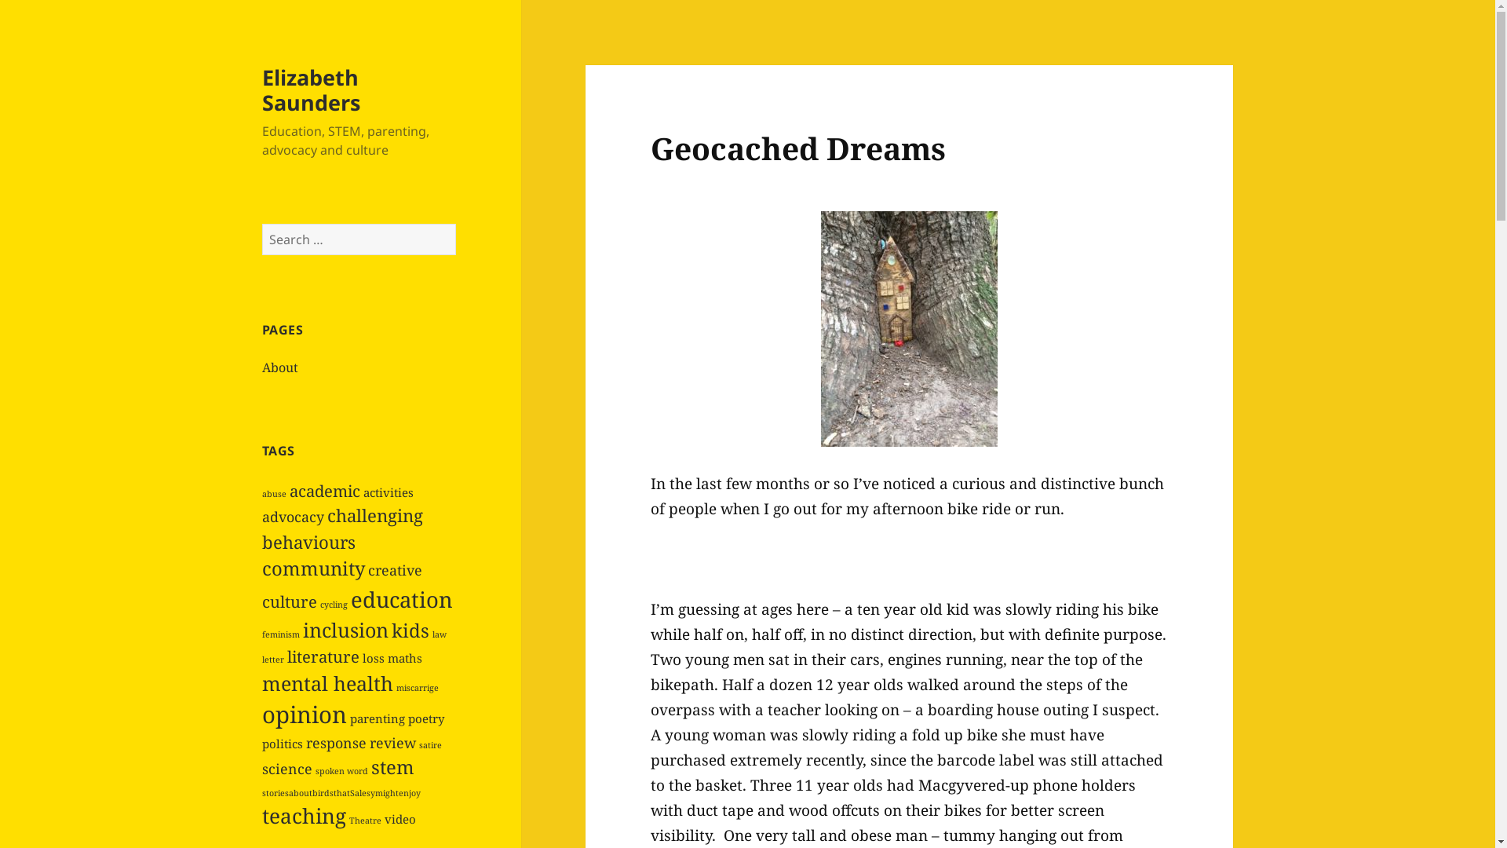 The width and height of the screenshot is (1507, 848). Describe the element at coordinates (400, 817) in the screenshot. I see `'video'` at that location.